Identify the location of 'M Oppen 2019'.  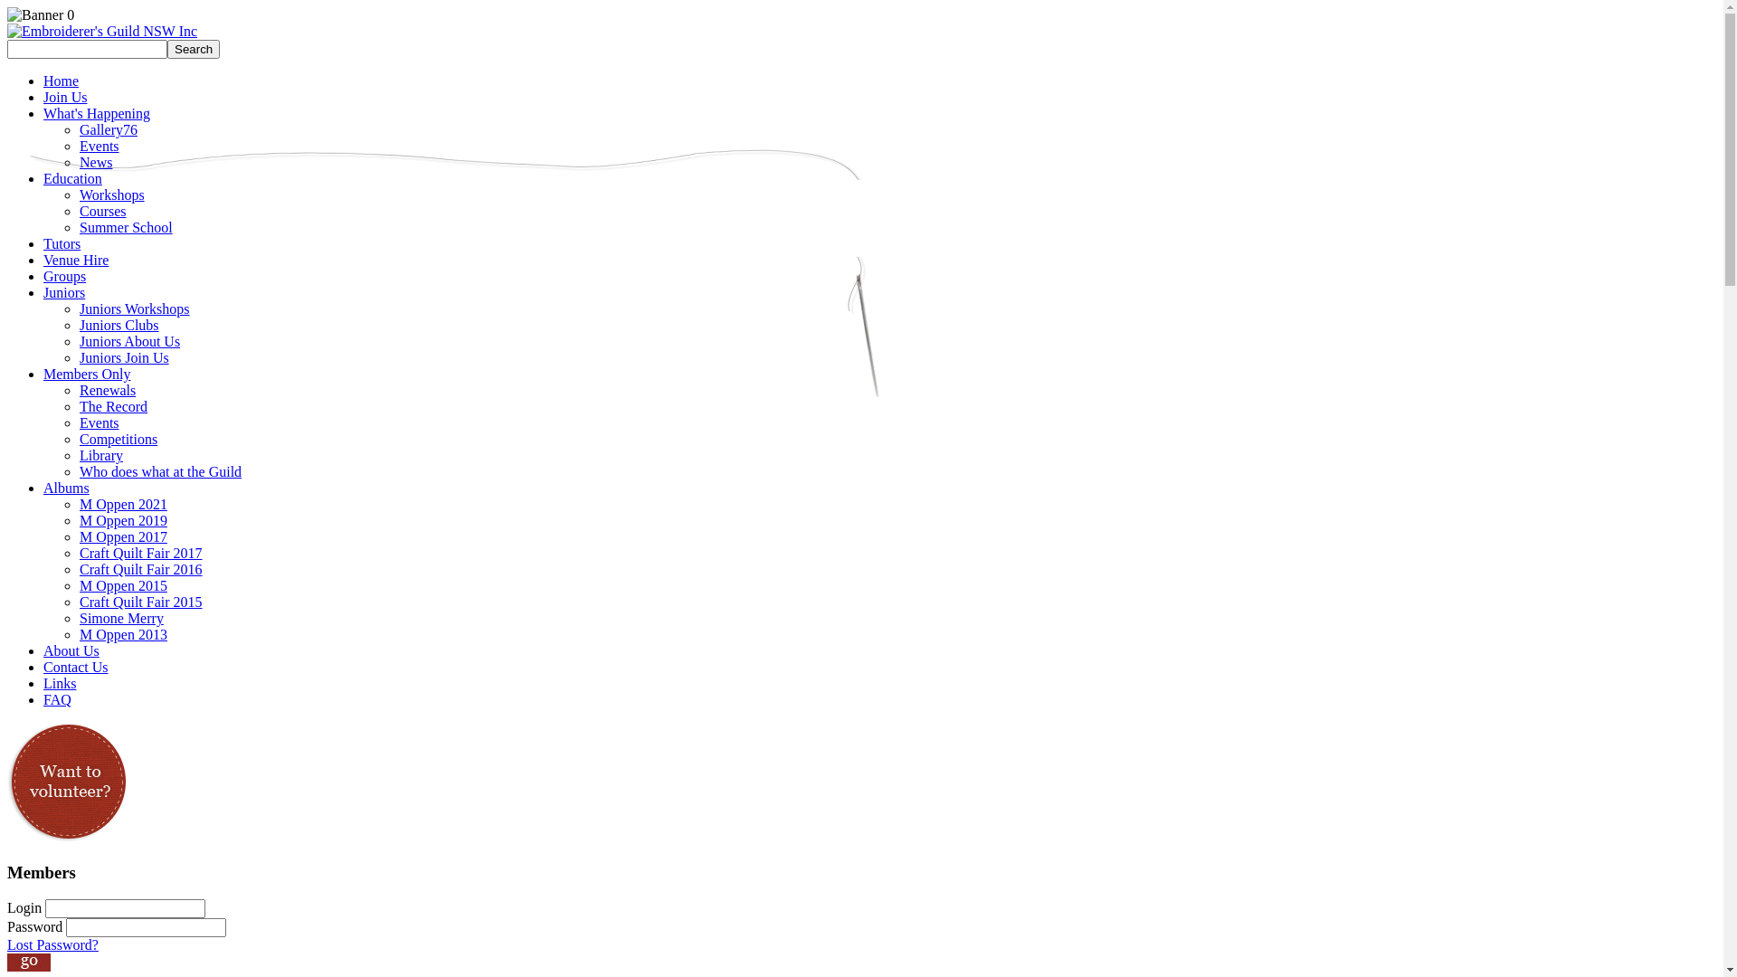
(122, 520).